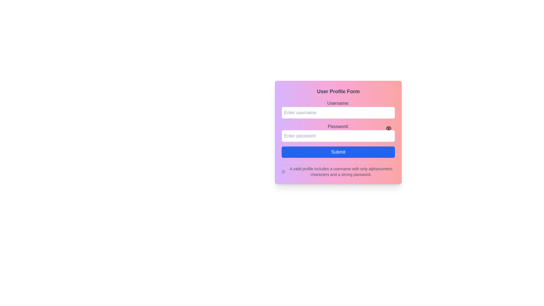 The image size is (544, 306). What do you see at coordinates (338, 132) in the screenshot?
I see `the Password input field located in the centered form, which is the second input field beneath the 'Username:' field and above the 'Submit' button` at bounding box center [338, 132].